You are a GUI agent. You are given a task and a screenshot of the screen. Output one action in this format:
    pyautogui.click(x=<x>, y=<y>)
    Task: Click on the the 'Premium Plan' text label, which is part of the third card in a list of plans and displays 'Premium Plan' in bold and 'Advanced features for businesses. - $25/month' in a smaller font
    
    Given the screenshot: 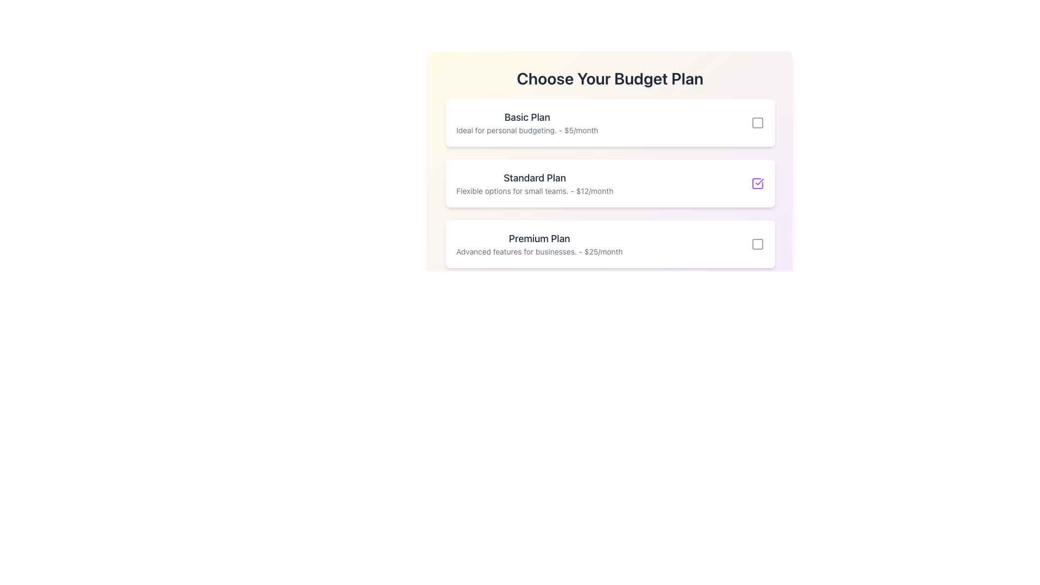 What is the action you would take?
    pyautogui.click(x=539, y=244)
    